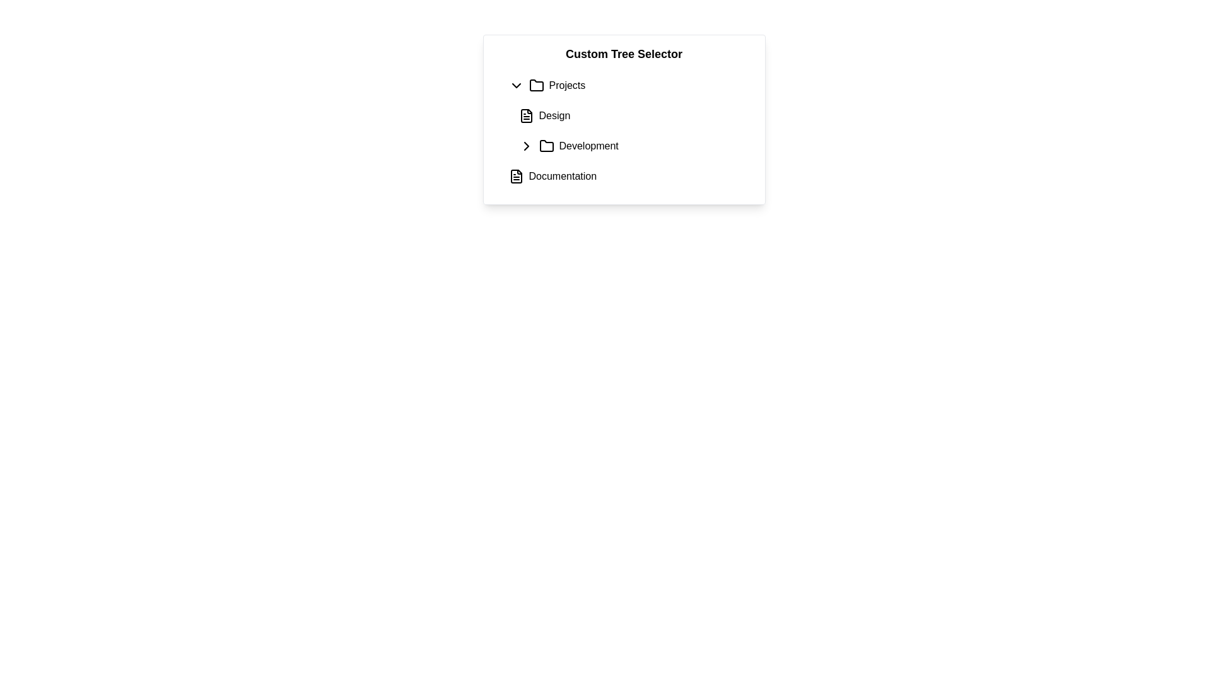  What do you see at coordinates (624, 53) in the screenshot?
I see `the text header displaying 'Custom Tree Selector', which is a bold and large font element located at the top of the panel` at bounding box center [624, 53].